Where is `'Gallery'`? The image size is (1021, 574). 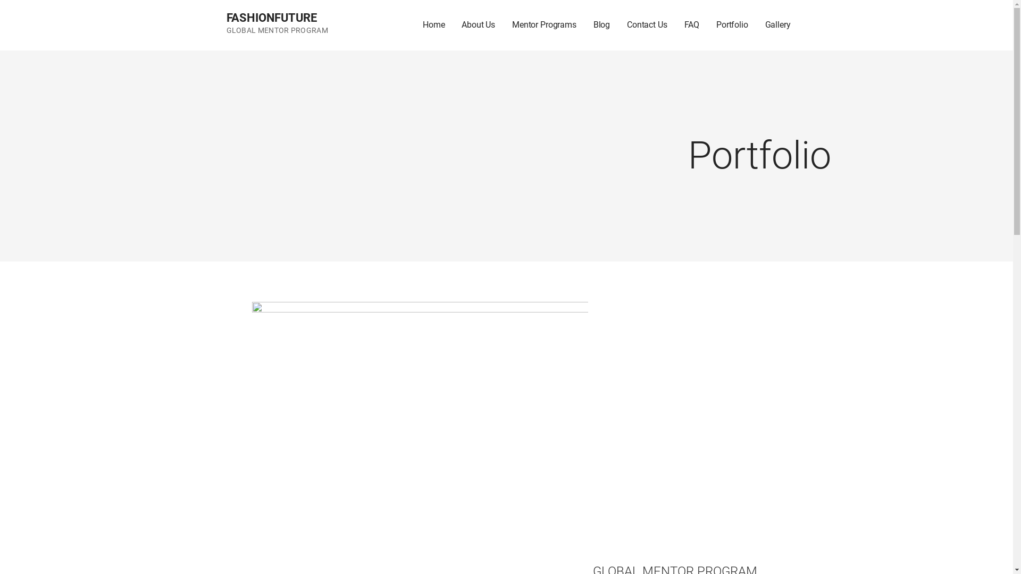
'Gallery' is located at coordinates (778, 24).